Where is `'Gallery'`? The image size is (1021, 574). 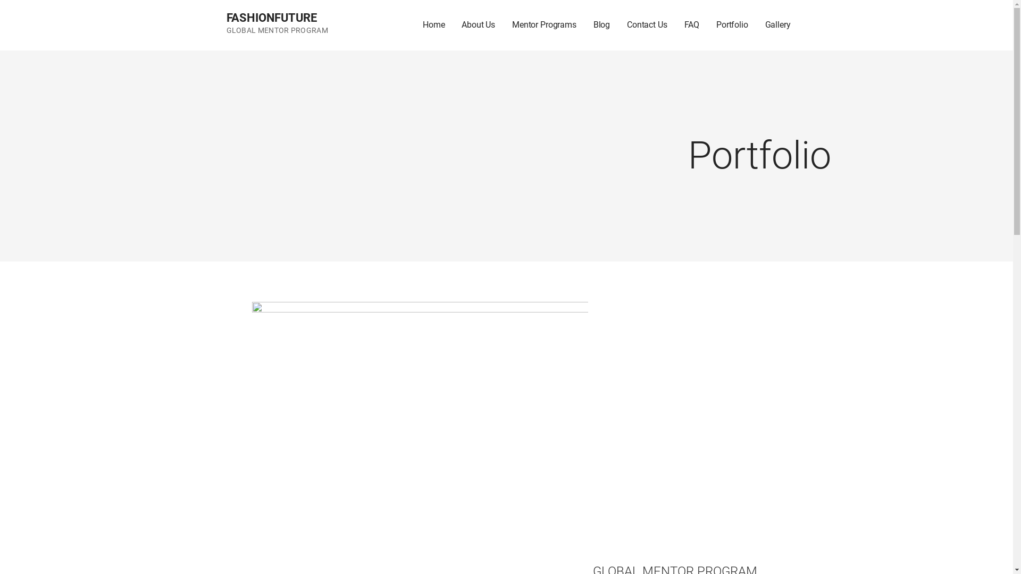
'Gallery' is located at coordinates (778, 24).